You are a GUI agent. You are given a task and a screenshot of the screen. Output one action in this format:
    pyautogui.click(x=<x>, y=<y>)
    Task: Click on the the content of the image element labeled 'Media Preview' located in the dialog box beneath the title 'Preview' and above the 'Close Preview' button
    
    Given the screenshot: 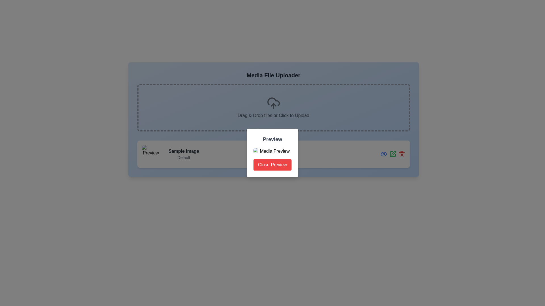 What is the action you would take?
    pyautogui.click(x=272, y=151)
    